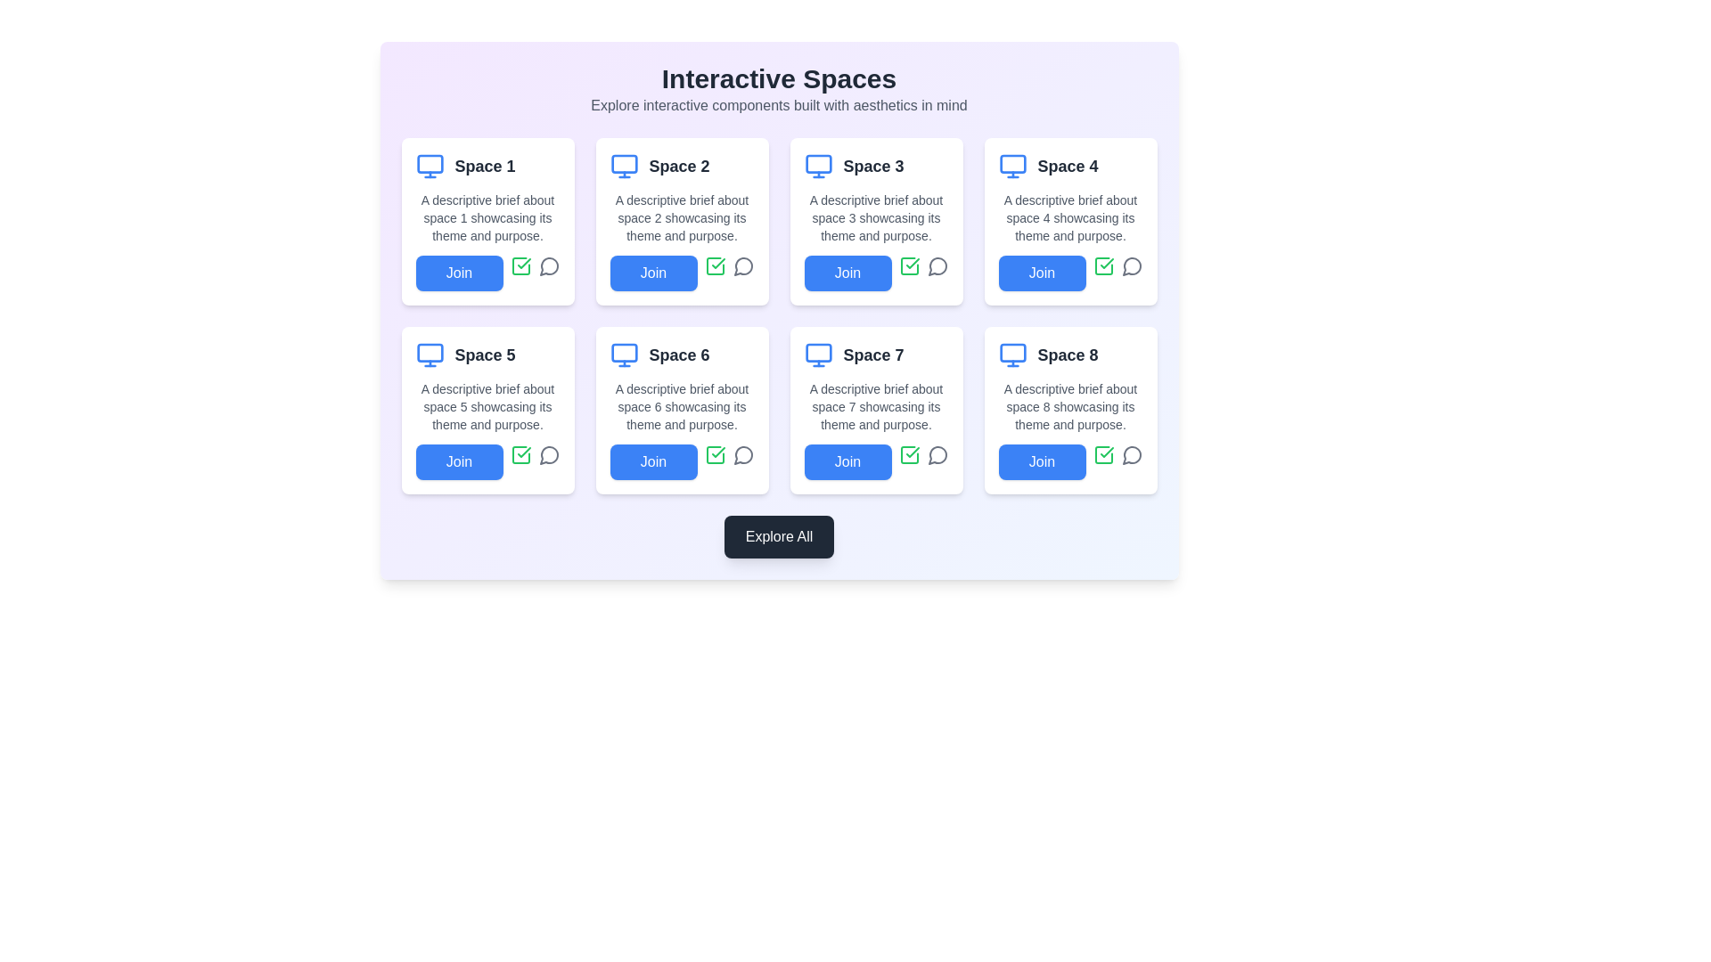  What do you see at coordinates (1012, 353) in the screenshot?
I see `the rectangle within the monitor icon of the card labeled 'Space 8', which is located in the second row, fourth column of the grid` at bounding box center [1012, 353].